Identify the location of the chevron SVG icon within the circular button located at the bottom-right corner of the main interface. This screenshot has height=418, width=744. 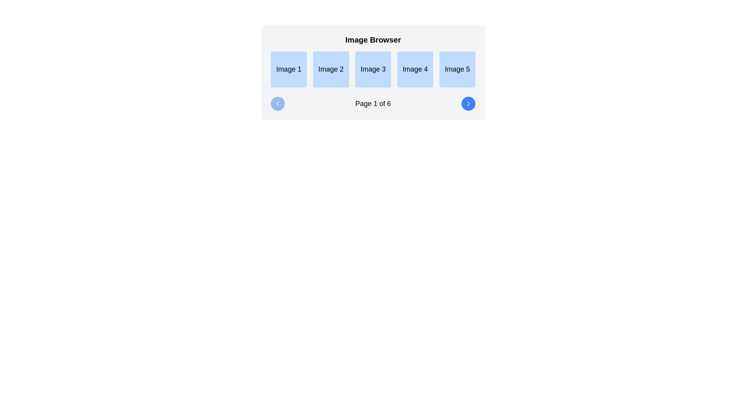
(468, 103).